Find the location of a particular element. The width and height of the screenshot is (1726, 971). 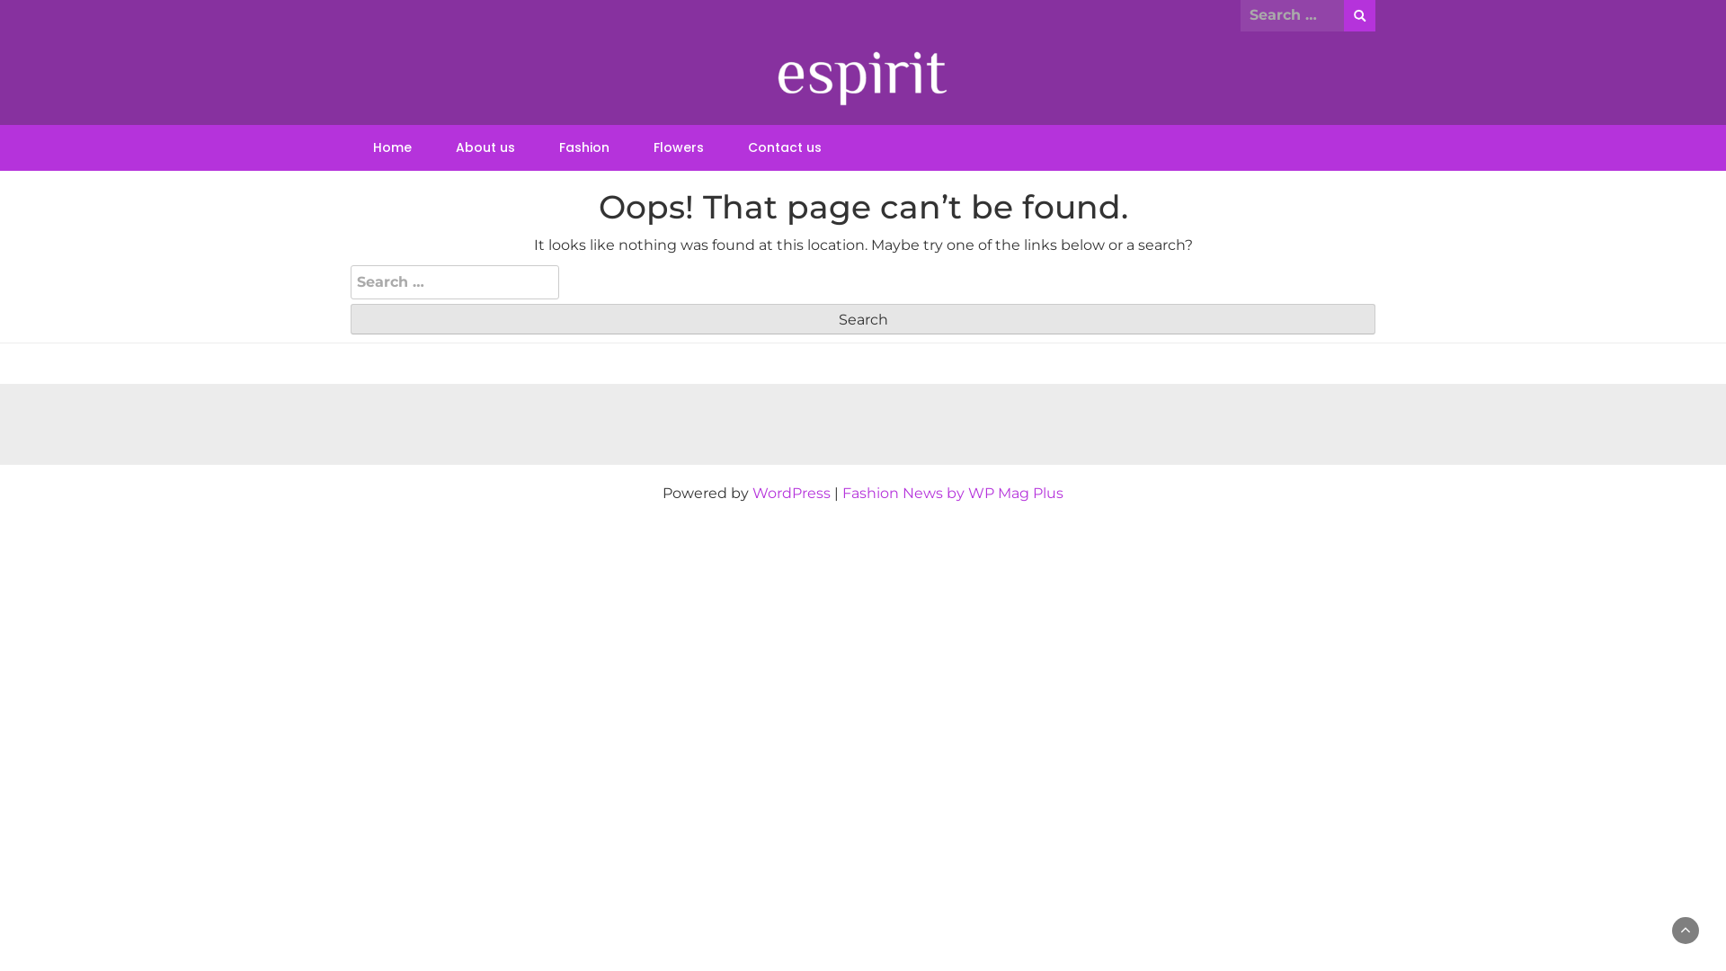

'Flowers' is located at coordinates (677, 147).